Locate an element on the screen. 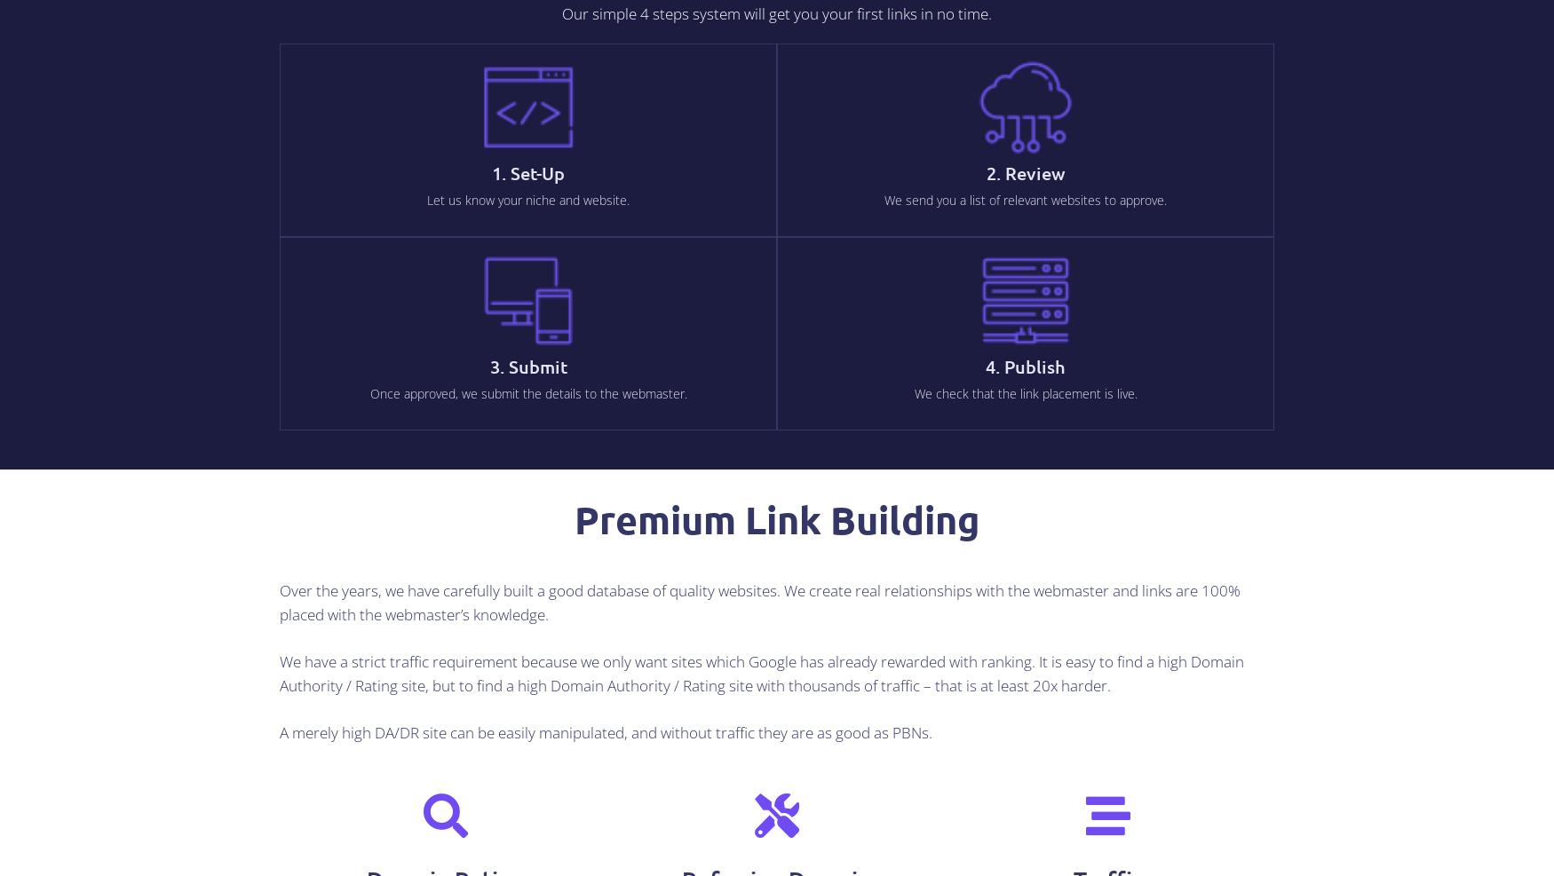 The height and width of the screenshot is (876, 1554). 'Once approved, we submit the details to the webmaster.' is located at coordinates (527, 391).